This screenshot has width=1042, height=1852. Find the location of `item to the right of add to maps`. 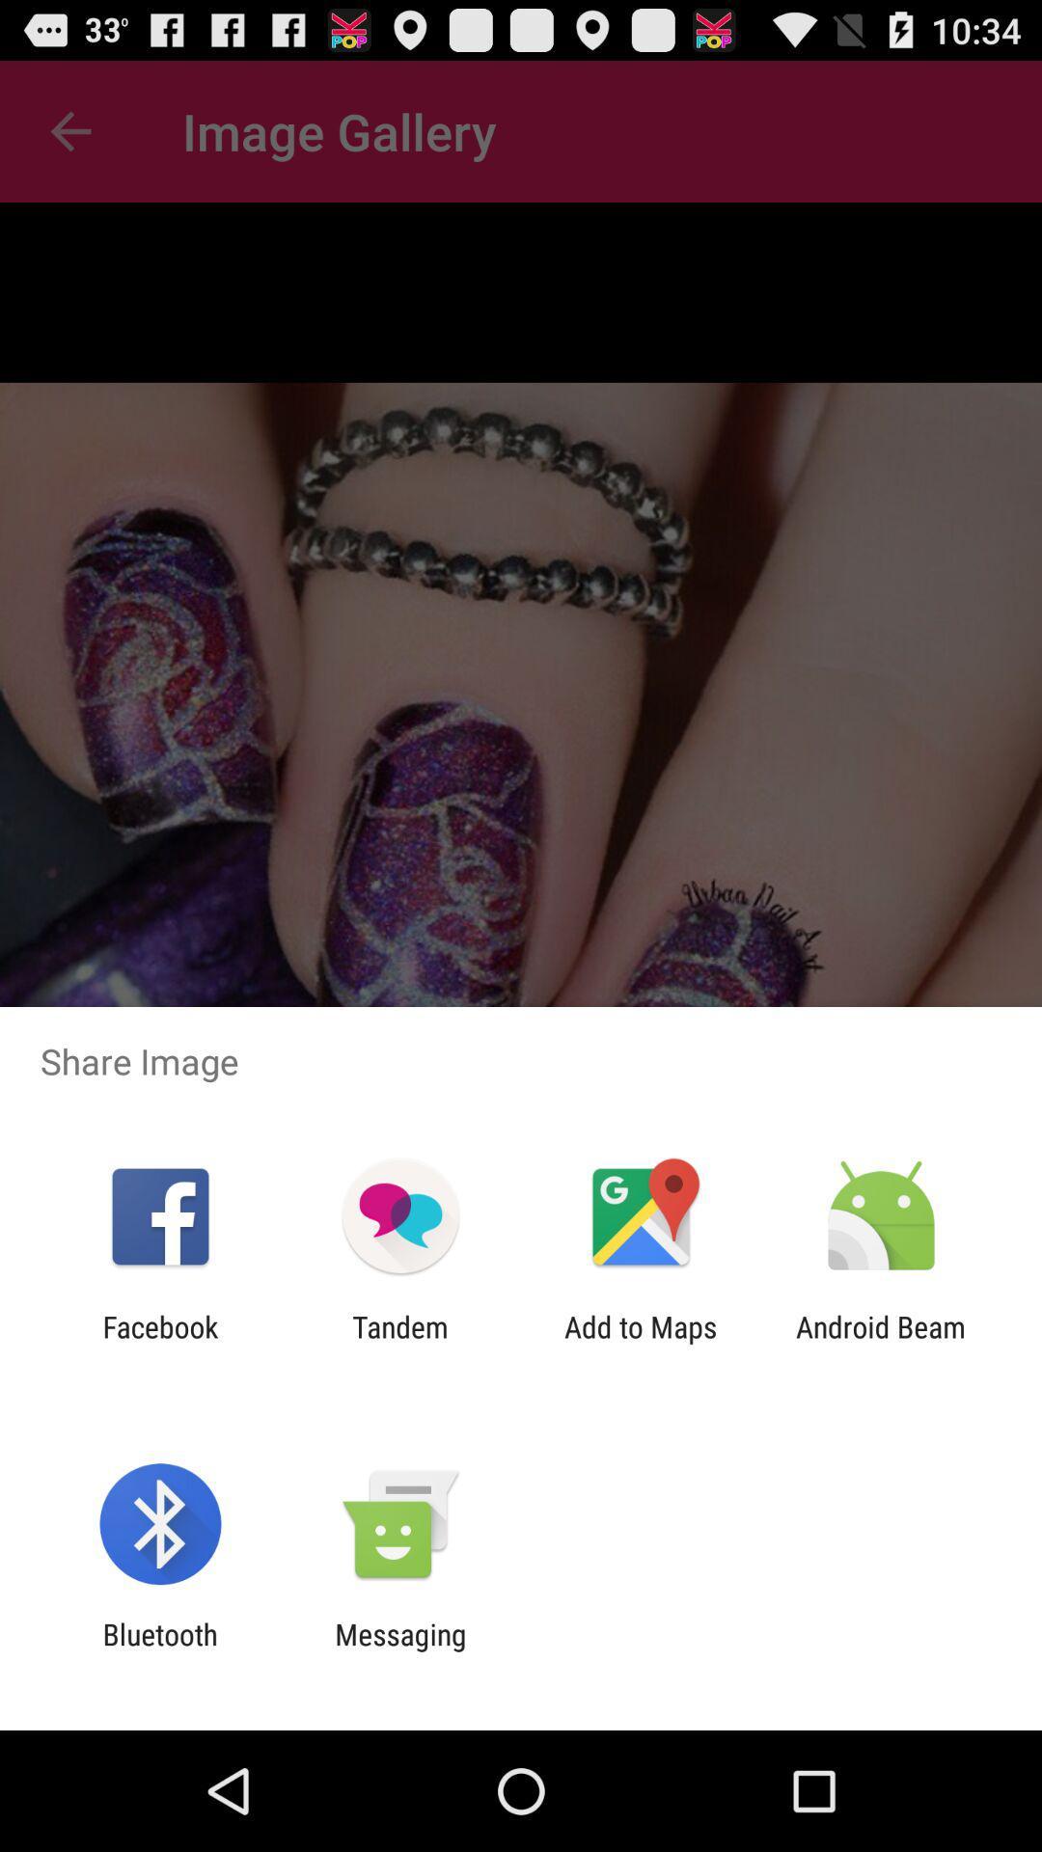

item to the right of add to maps is located at coordinates (881, 1343).